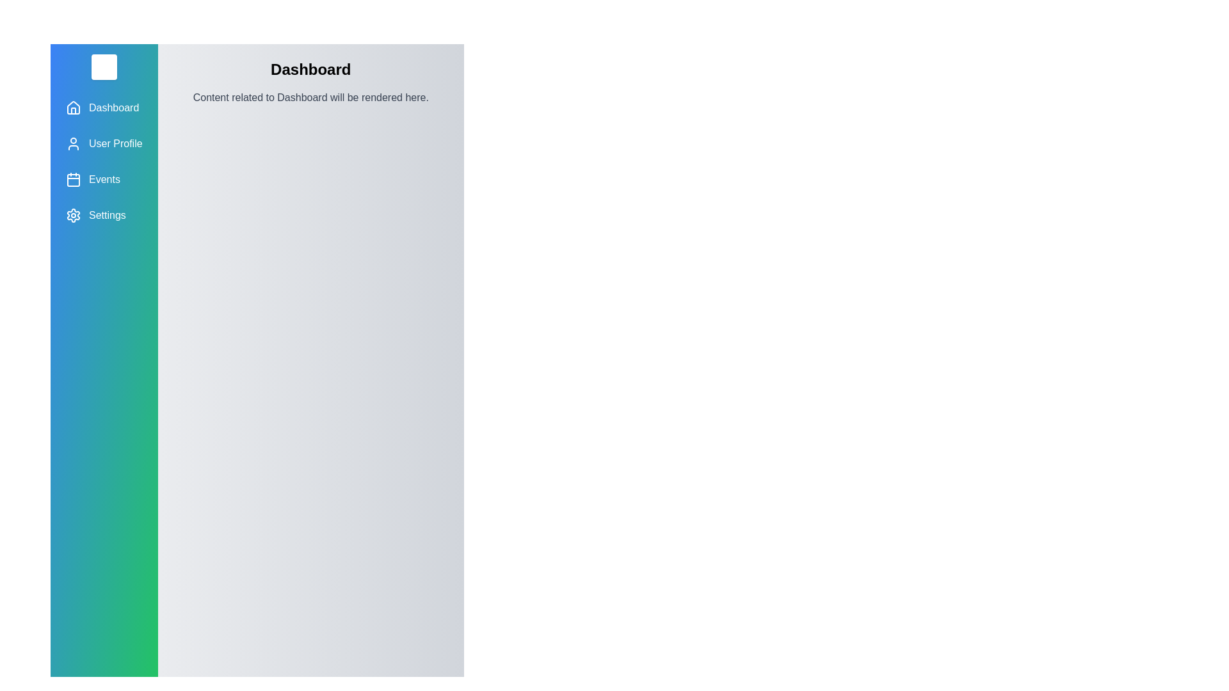 The image size is (1229, 691). I want to click on the Events tab from the sidebar, so click(104, 180).